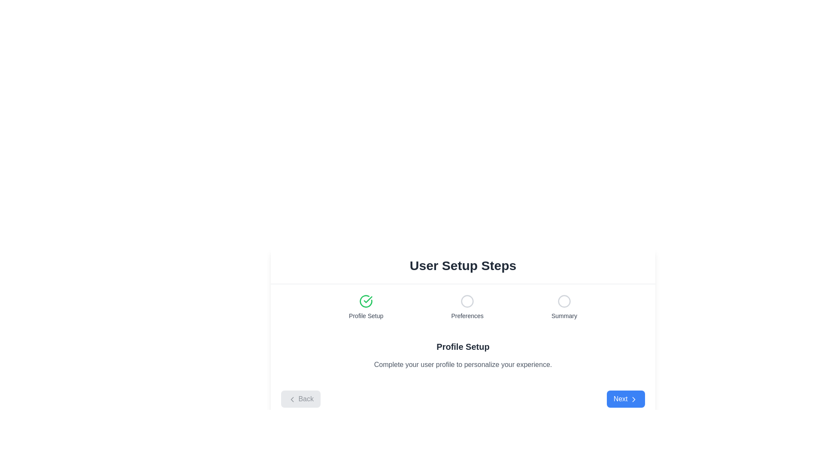 This screenshot has width=824, height=463. I want to click on the 'Preferences' section of the stepper UI for keyboard selection, so click(463, 307).